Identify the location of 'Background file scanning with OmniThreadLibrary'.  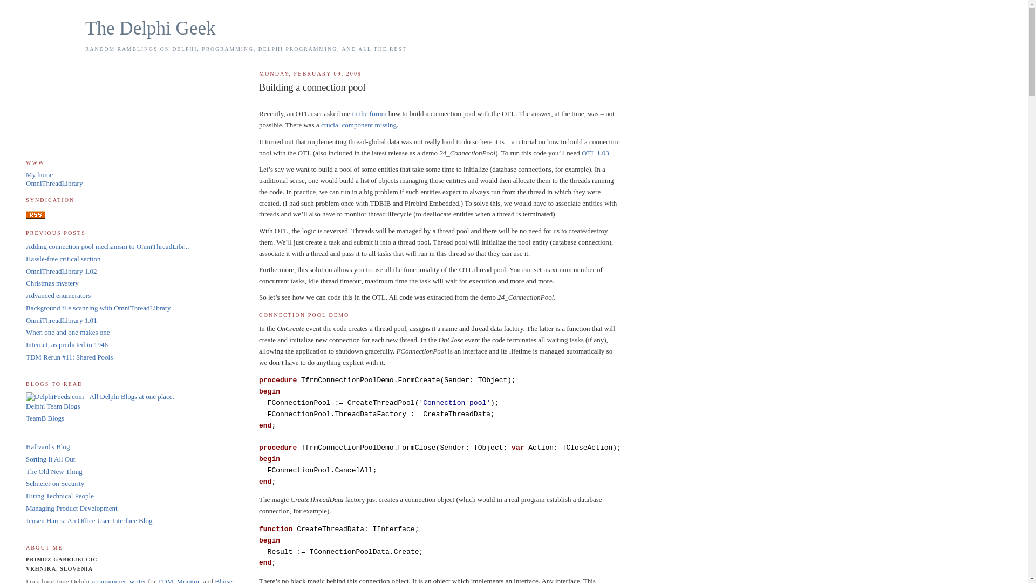
(98, 308).